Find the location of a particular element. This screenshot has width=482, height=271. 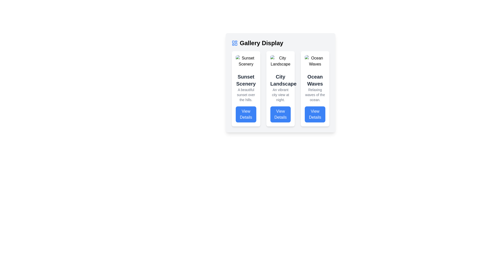

the city landscape image is located at coordinates (280, 61).